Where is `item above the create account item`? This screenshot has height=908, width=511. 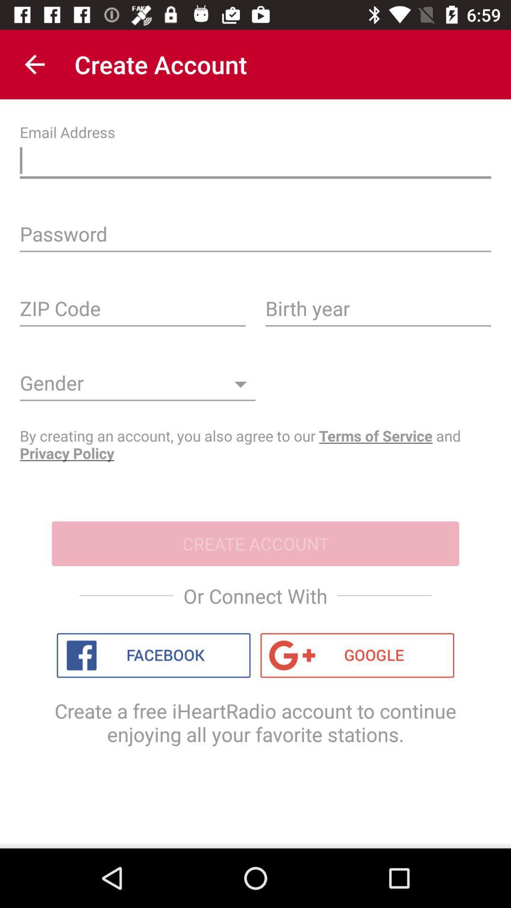
item above the create account item is located at coordinates (255, 444).